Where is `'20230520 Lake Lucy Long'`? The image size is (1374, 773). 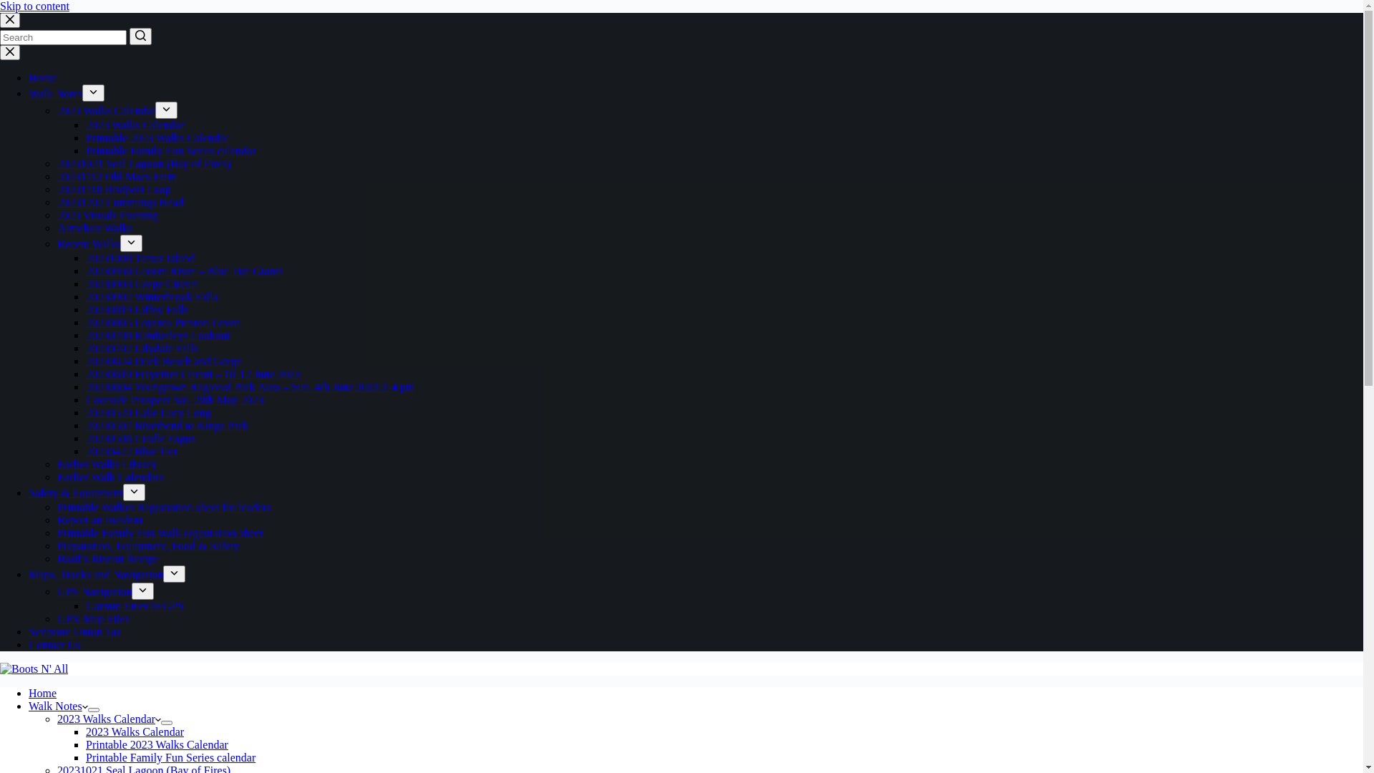 '20230520 Lake Lucy Long' is located at coordinates (148, 412).